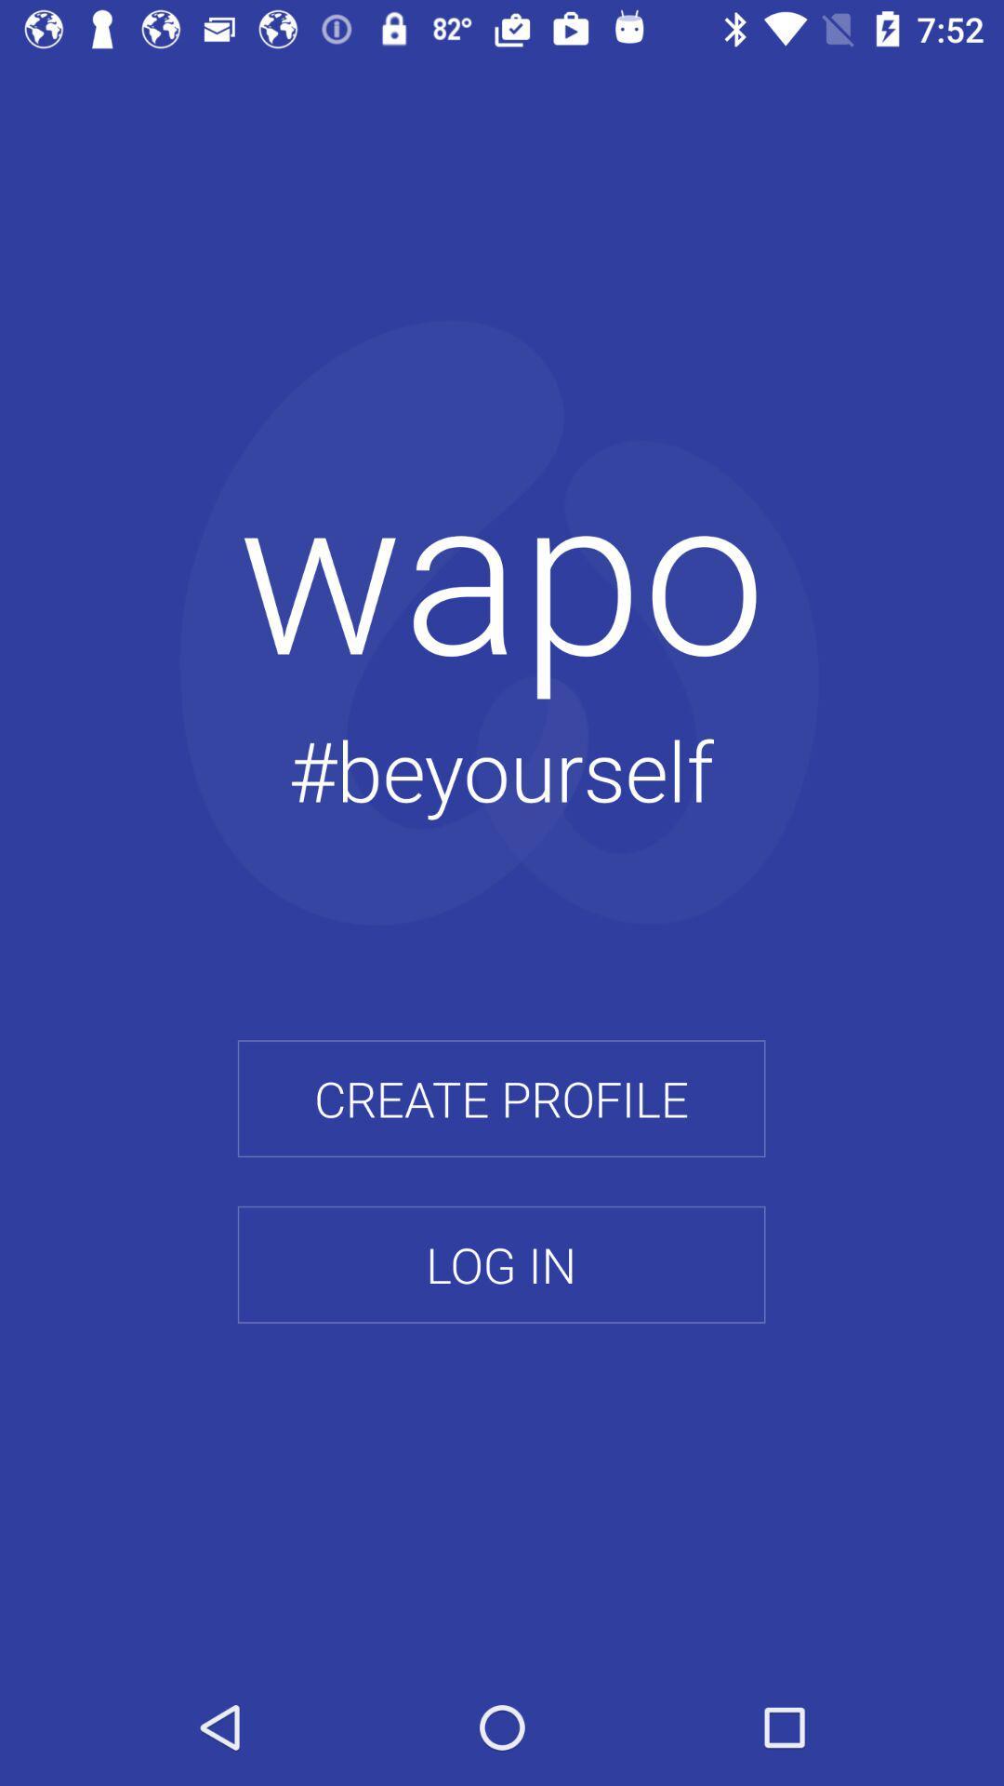  What do you see at coordinates (500, 1264) in the screenshot?
I see `log in icon` at bounding box center [500, 1264].